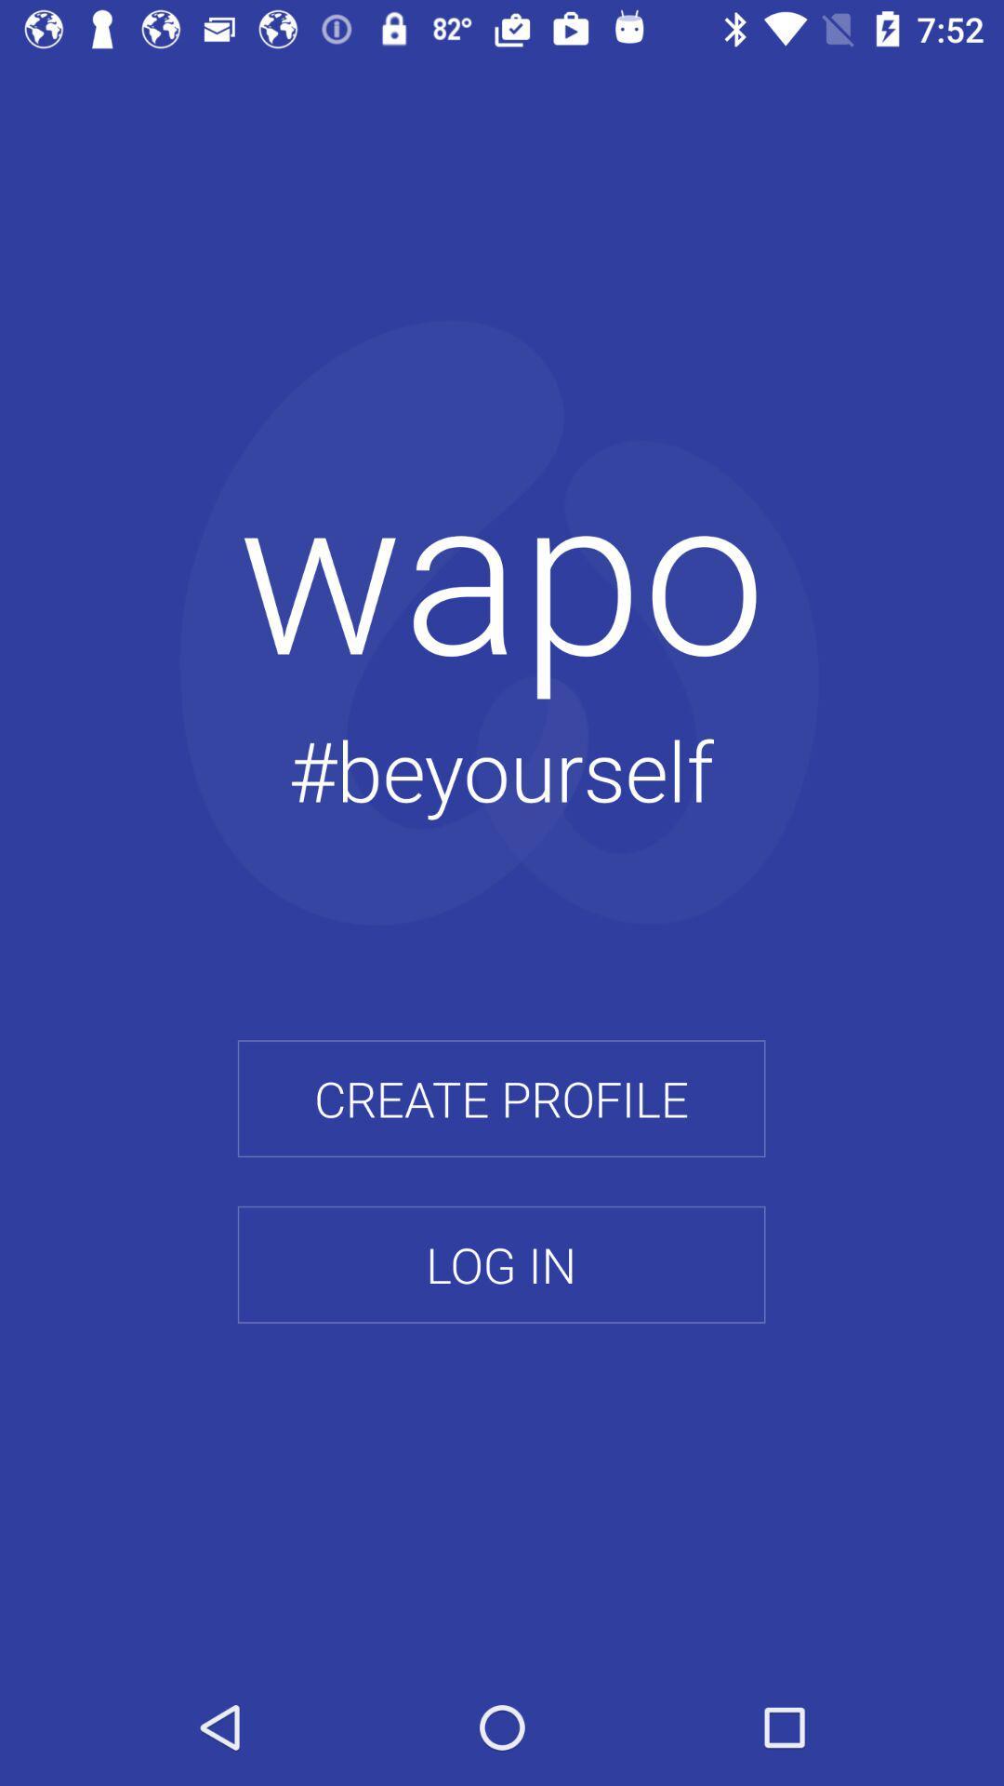  What do you see at coordinates (500, 1264) in the screenshot?
I see `log in icon` at bounding box center [500, 1264].